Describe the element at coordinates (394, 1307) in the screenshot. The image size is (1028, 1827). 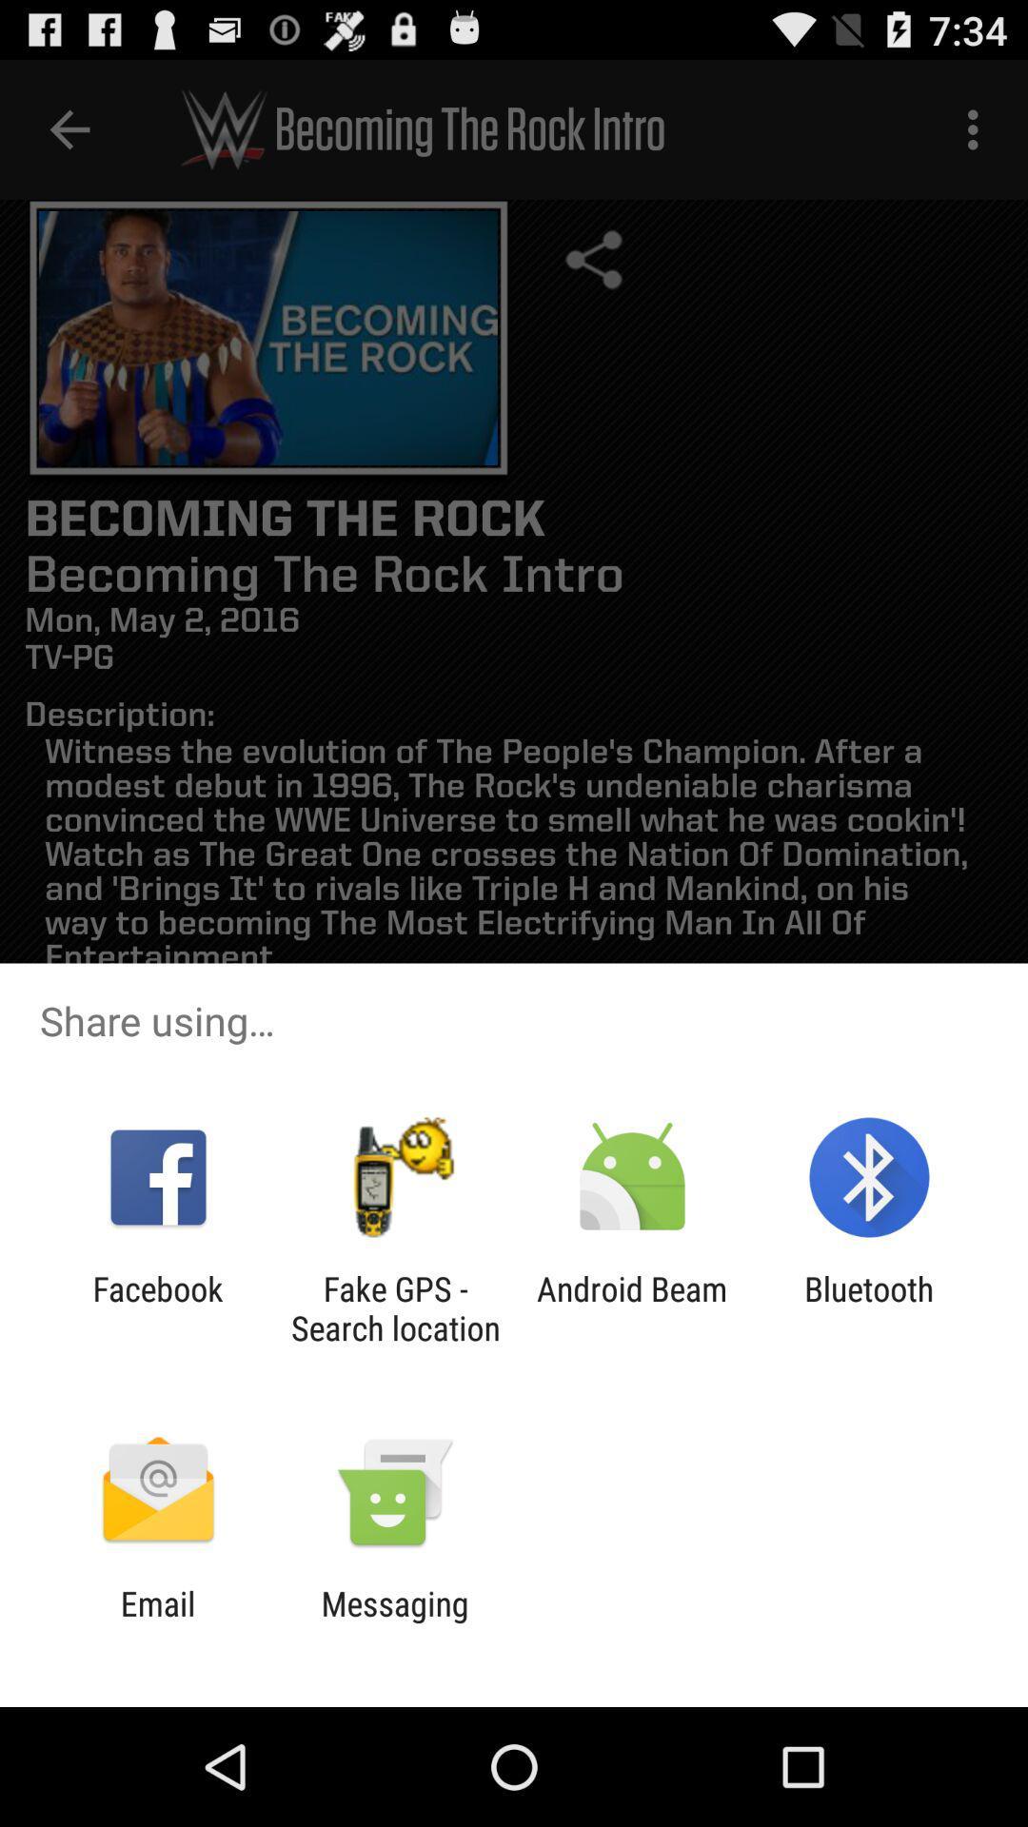
I see `item next to the android beam icon` at that location.